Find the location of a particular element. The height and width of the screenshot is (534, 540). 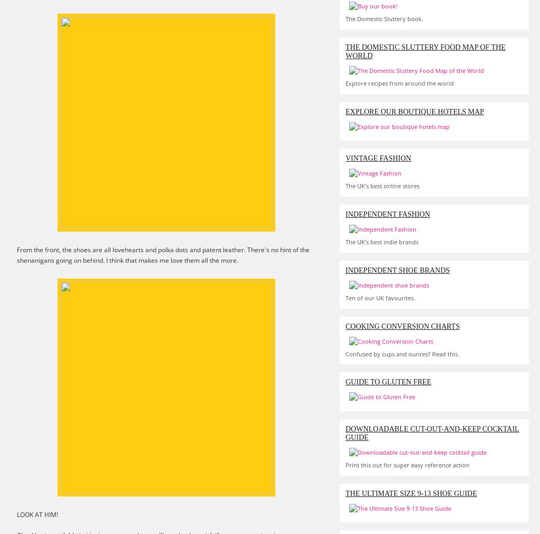

'Confused by cups and ounces? Read this.' is located at coordinates (402, 353).